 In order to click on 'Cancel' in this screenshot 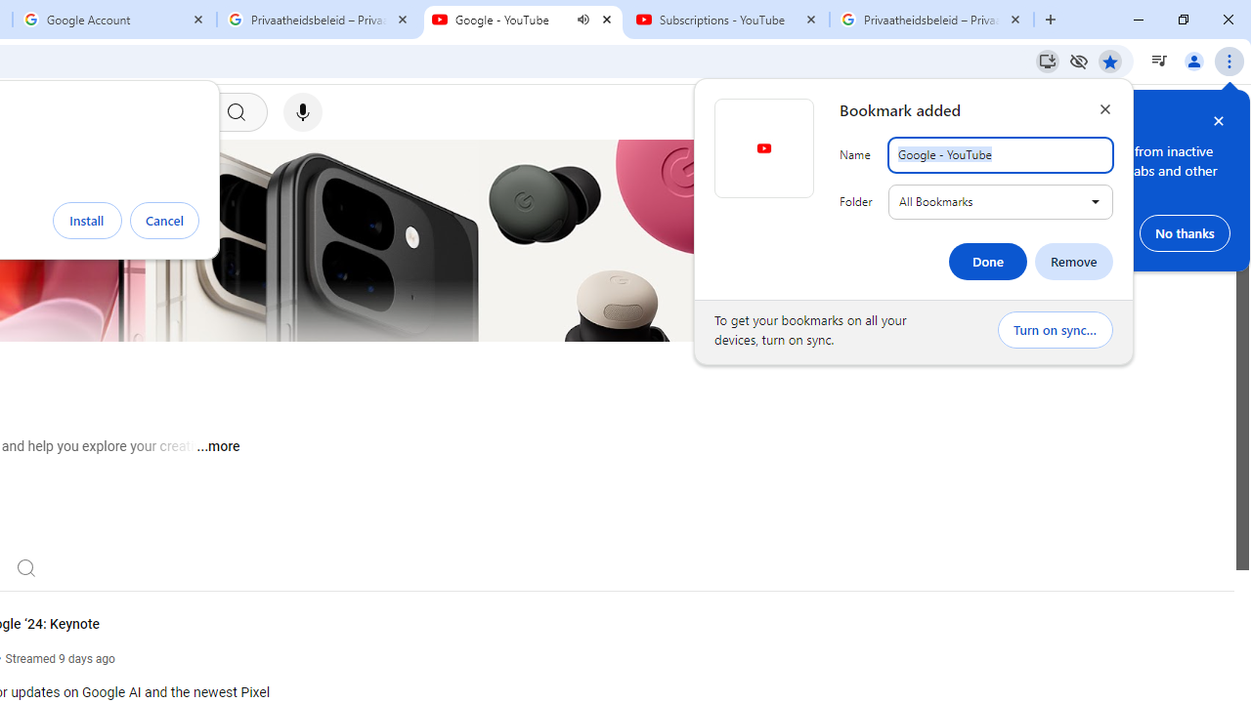, I will do `click(164, 220)`.